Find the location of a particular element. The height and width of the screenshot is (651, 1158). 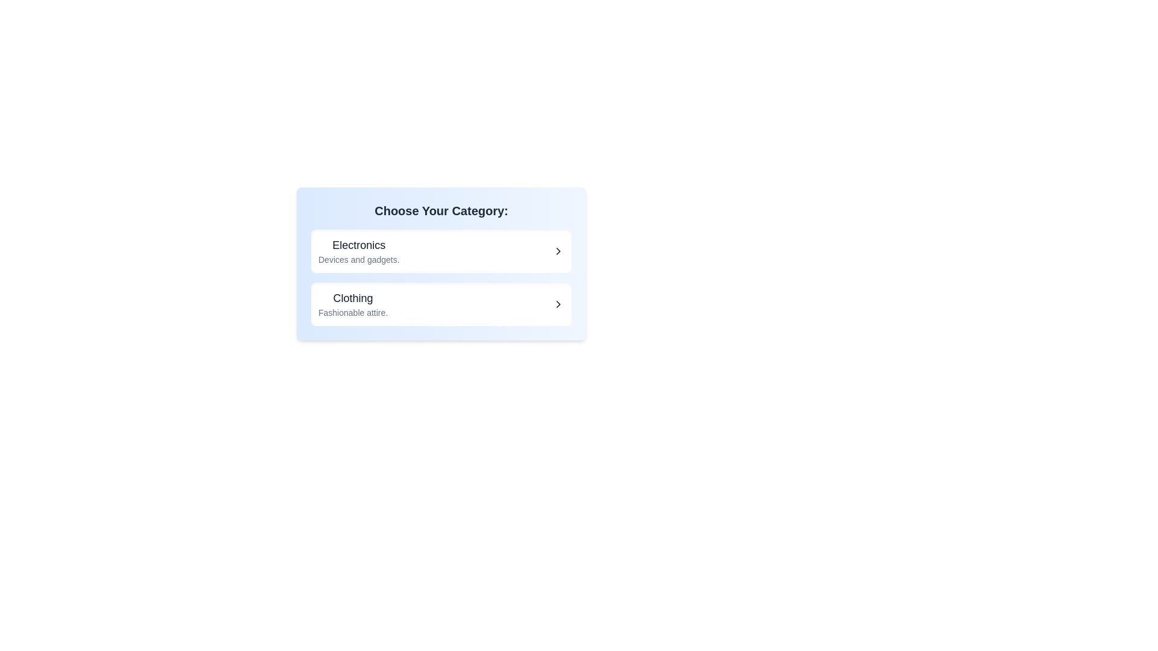

the navigation indicator icon located at the far-right side of the 'Electronics' section, which suggests further details or actions related to this category is located at coordinates (558, 250).